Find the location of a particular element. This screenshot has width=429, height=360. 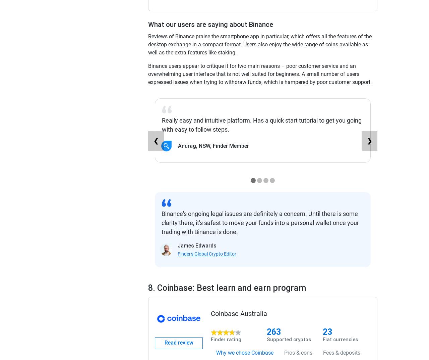

'Fees & deposits' is located at coordinates (342, 353).